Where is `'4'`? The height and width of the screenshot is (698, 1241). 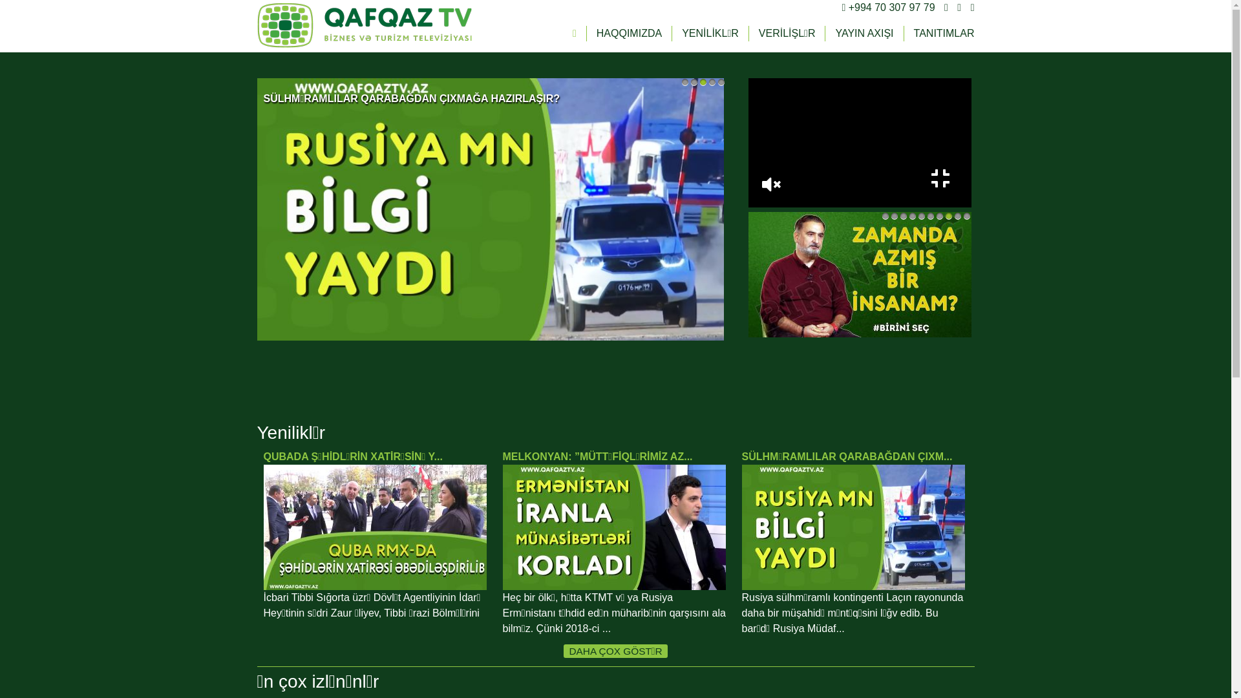
'4' is located at coordinates (712, 82).